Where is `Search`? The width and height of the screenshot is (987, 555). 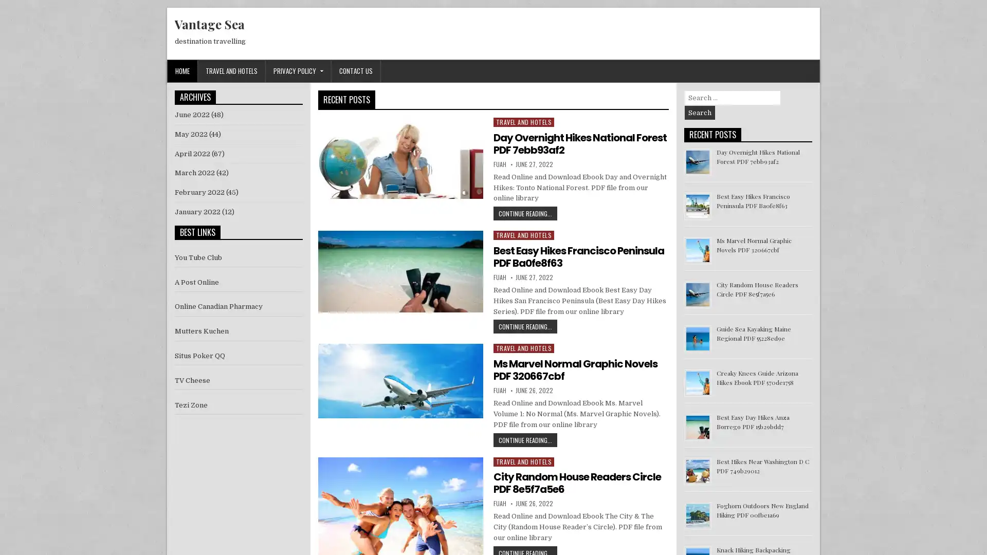 Search is located at coordinates (699, 113).